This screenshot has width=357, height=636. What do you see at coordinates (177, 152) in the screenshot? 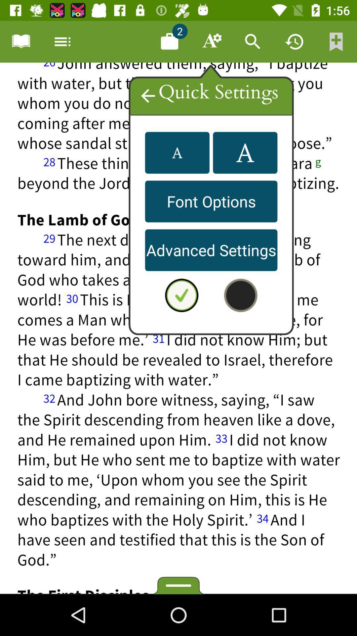
I see `the font icon` at bounding box center [177, 152].